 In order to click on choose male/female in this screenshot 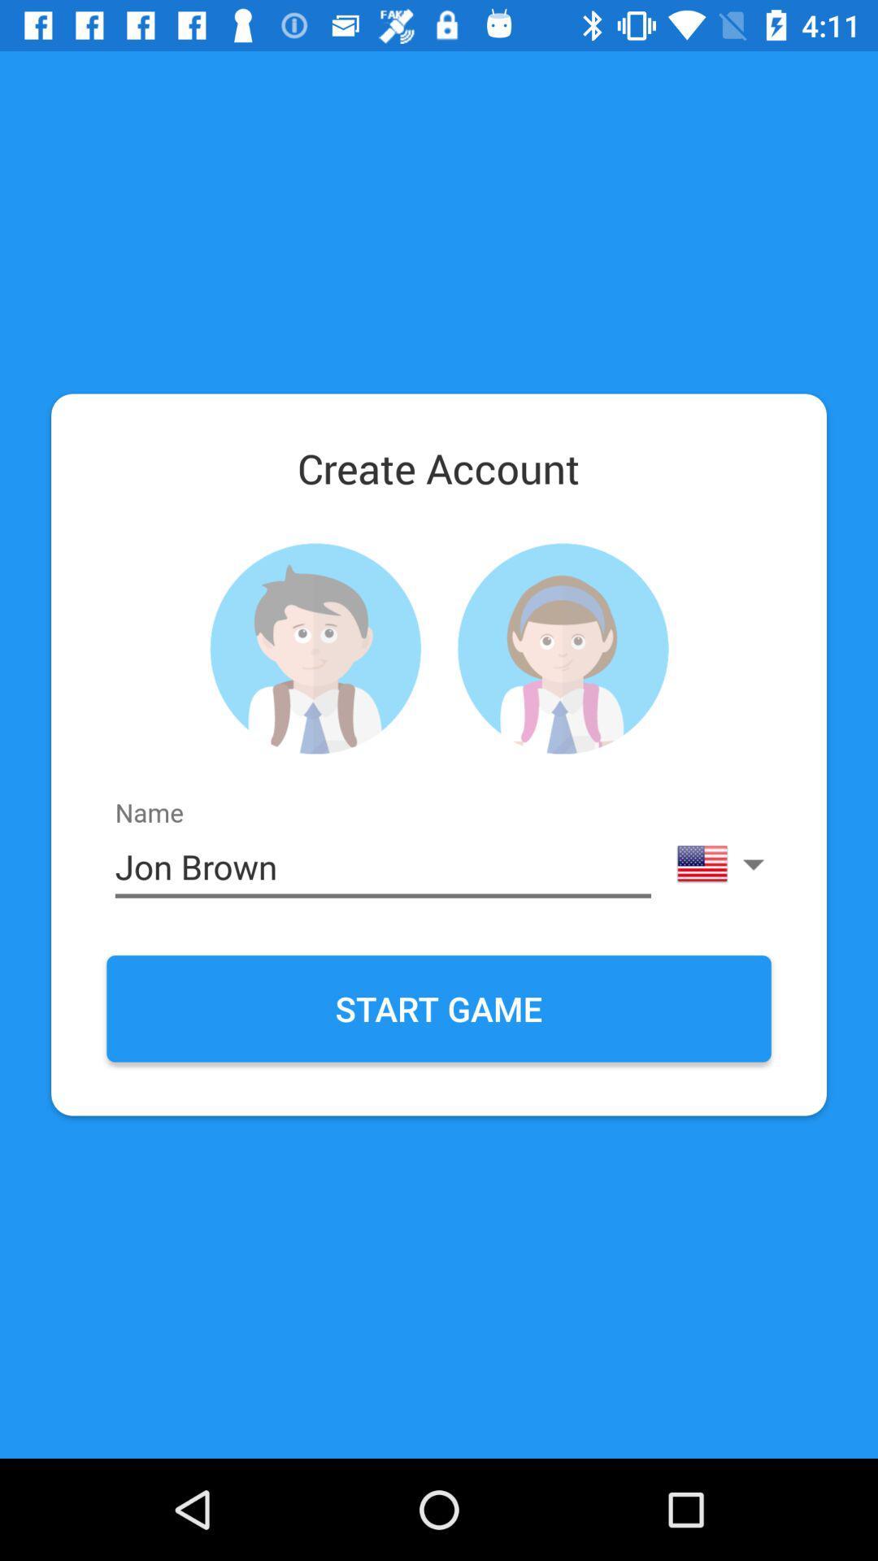, I will do `click(315, 648)`.